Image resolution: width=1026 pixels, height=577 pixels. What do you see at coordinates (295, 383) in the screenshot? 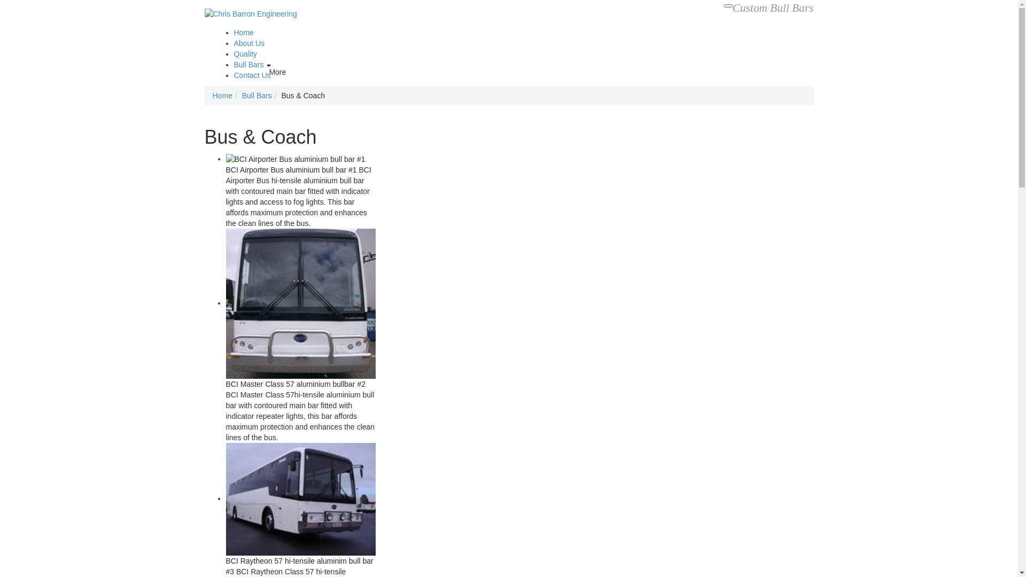
I see `'BCI Master Class 57 aluminium bullbar #2'` at bounding box center [295, 383].